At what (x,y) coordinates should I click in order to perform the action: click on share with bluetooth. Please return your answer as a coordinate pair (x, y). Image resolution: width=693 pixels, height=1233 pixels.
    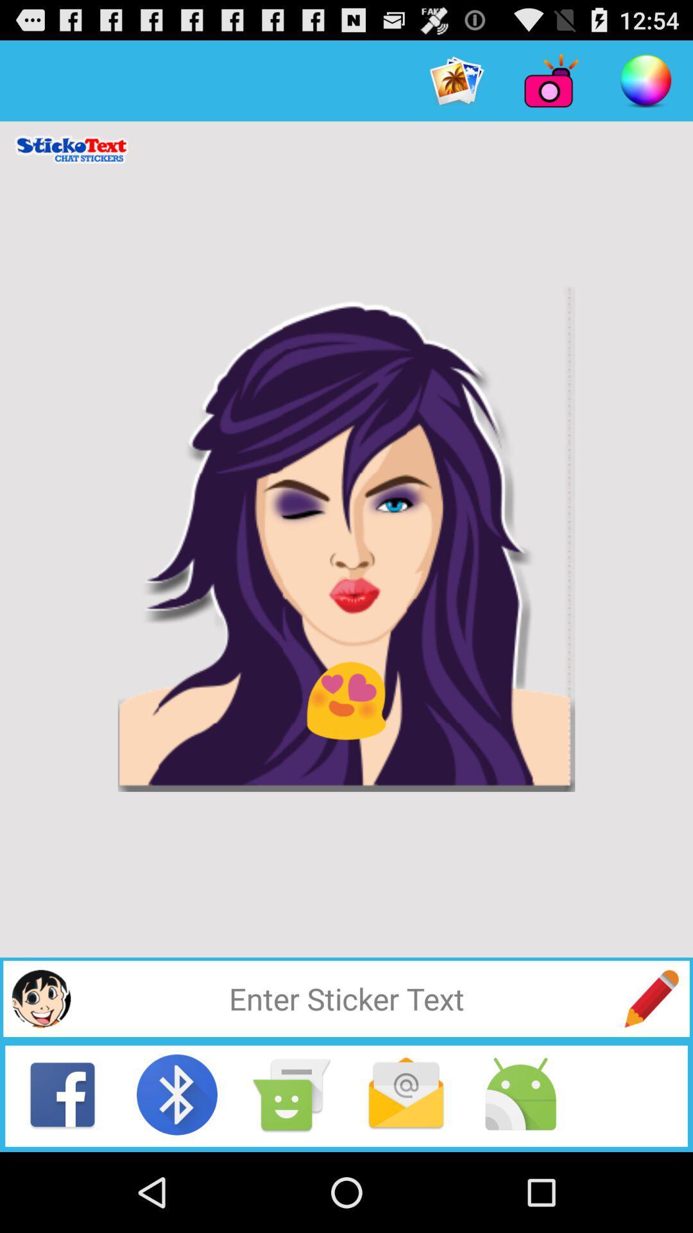
    Looking at the image, I should click on (177, 1094).